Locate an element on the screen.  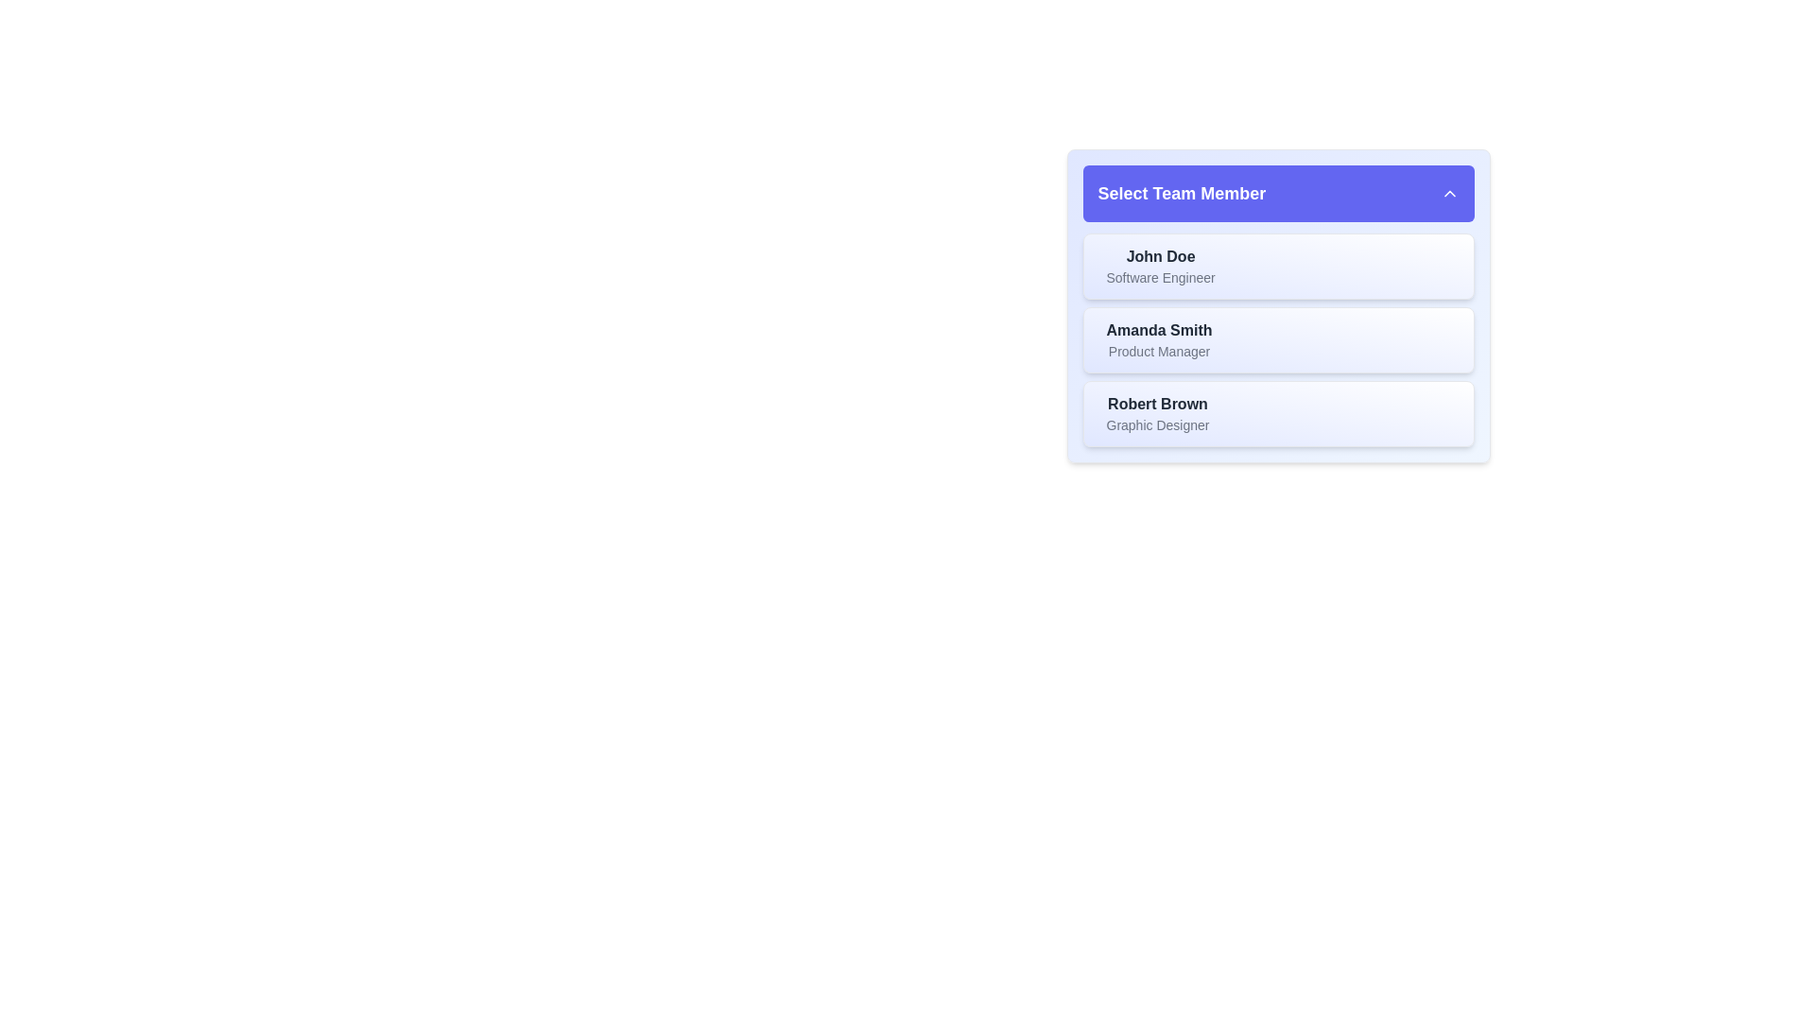
text label displaying 'Graphic Designer' located below the bold name 'Robert Brown' in the bottom section of the selectable entry is located at coordinates (1156, 425).